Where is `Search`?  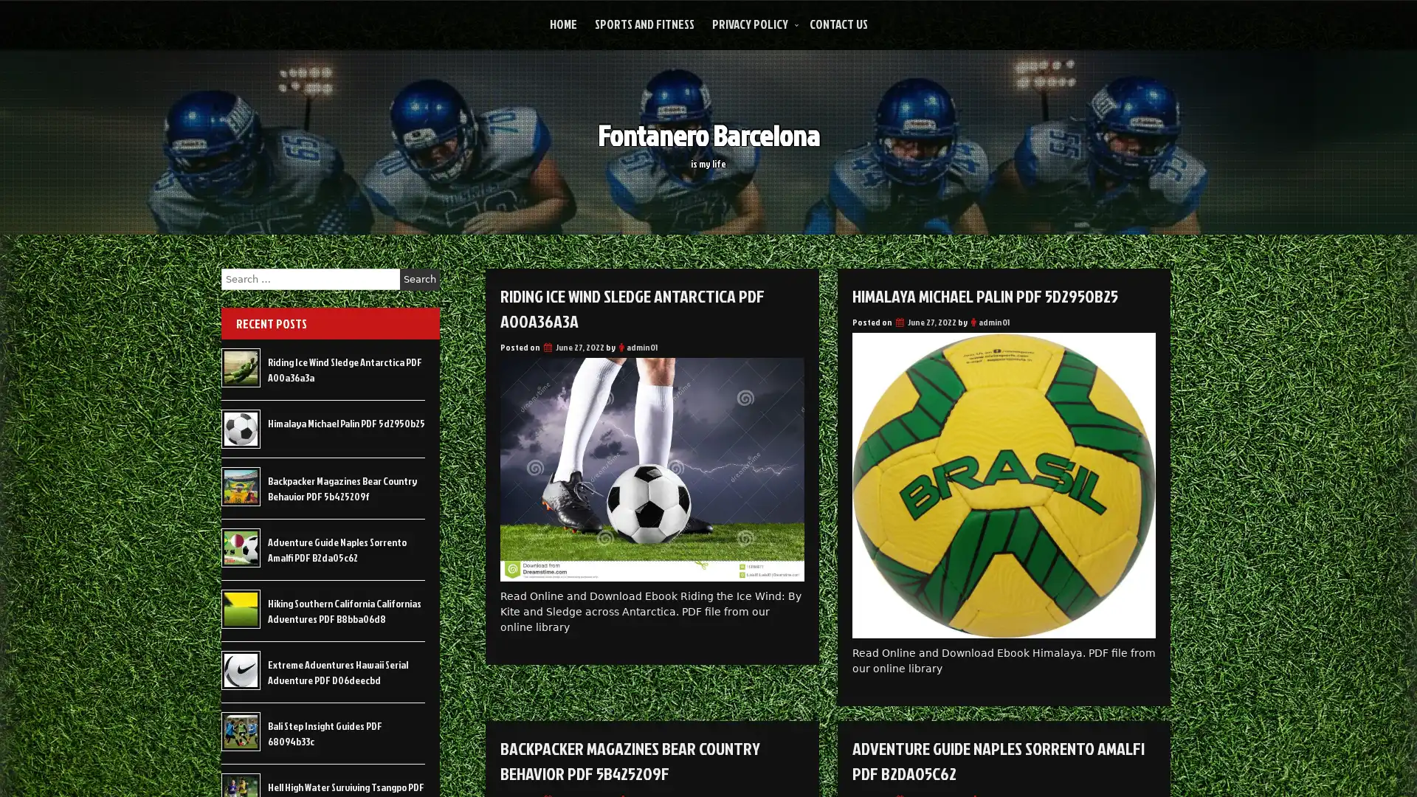
Search is located at coordinates (419, 279).